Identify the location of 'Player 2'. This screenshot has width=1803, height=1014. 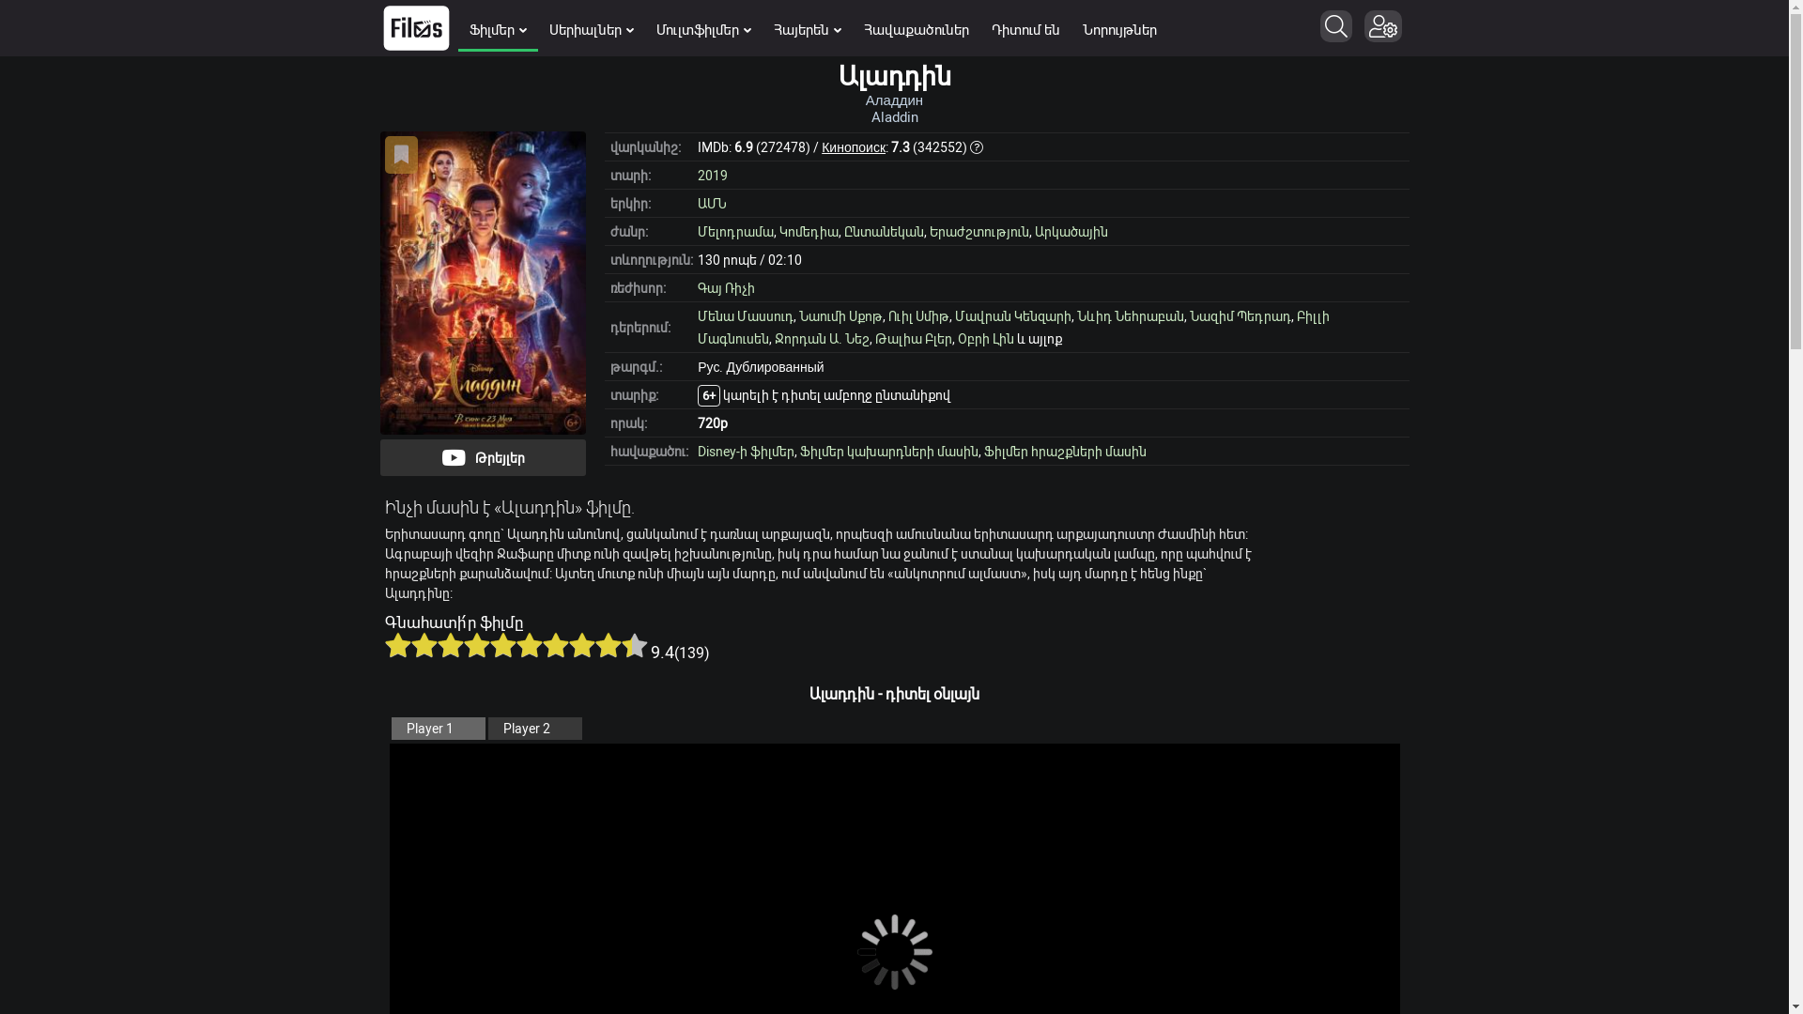
(534, 727).